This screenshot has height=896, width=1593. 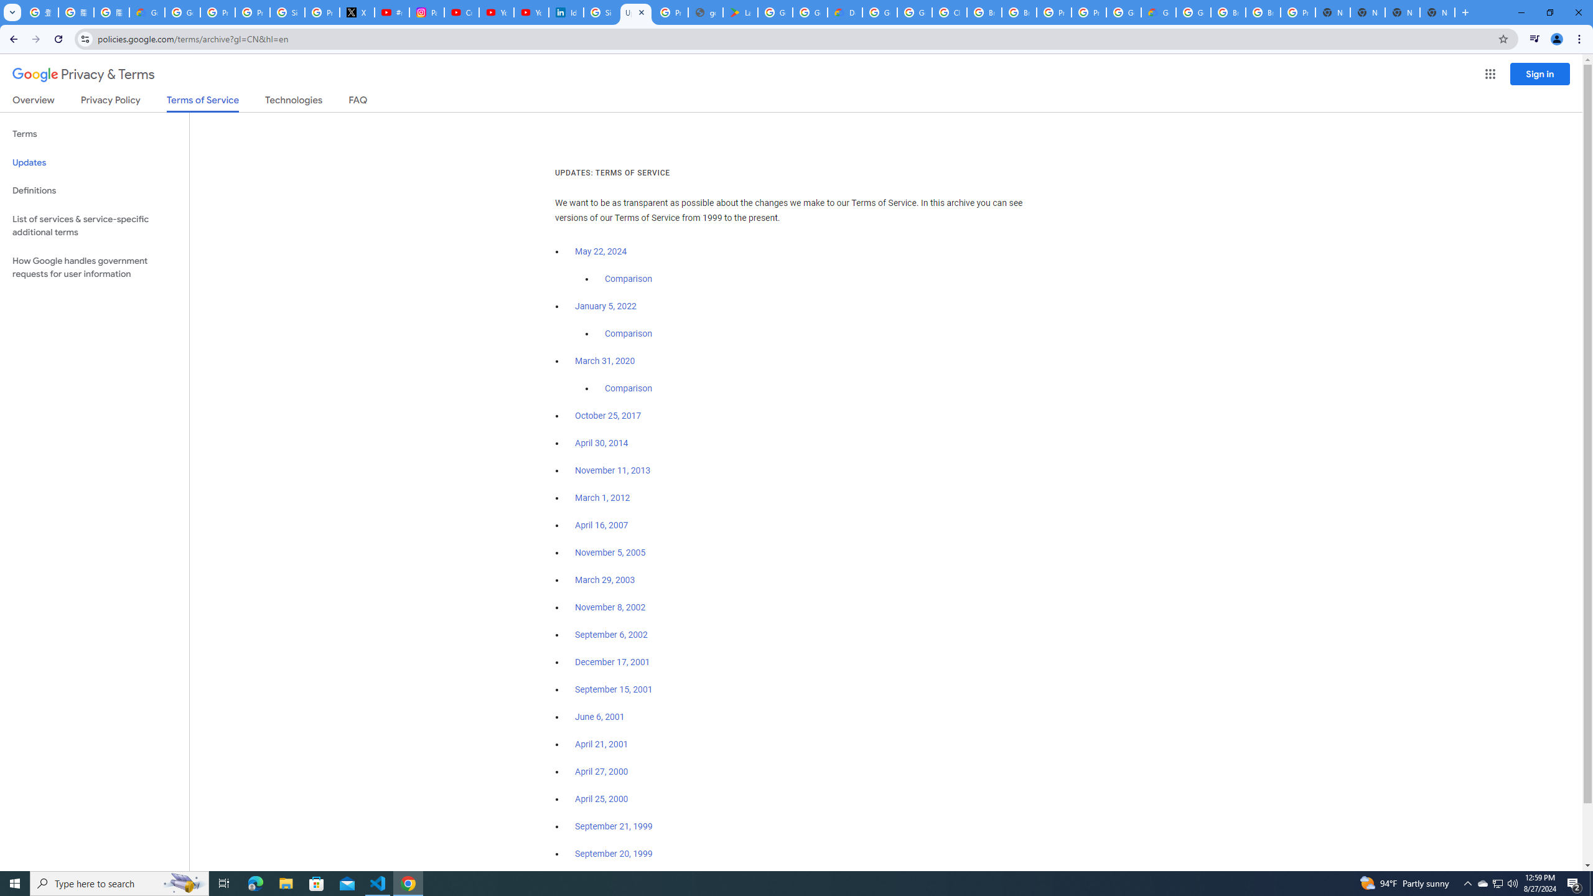 What do you see at coordinates (604, 362) in the screenshot?
I see `'March 31, 2020'` at bounding box center [604, 362].